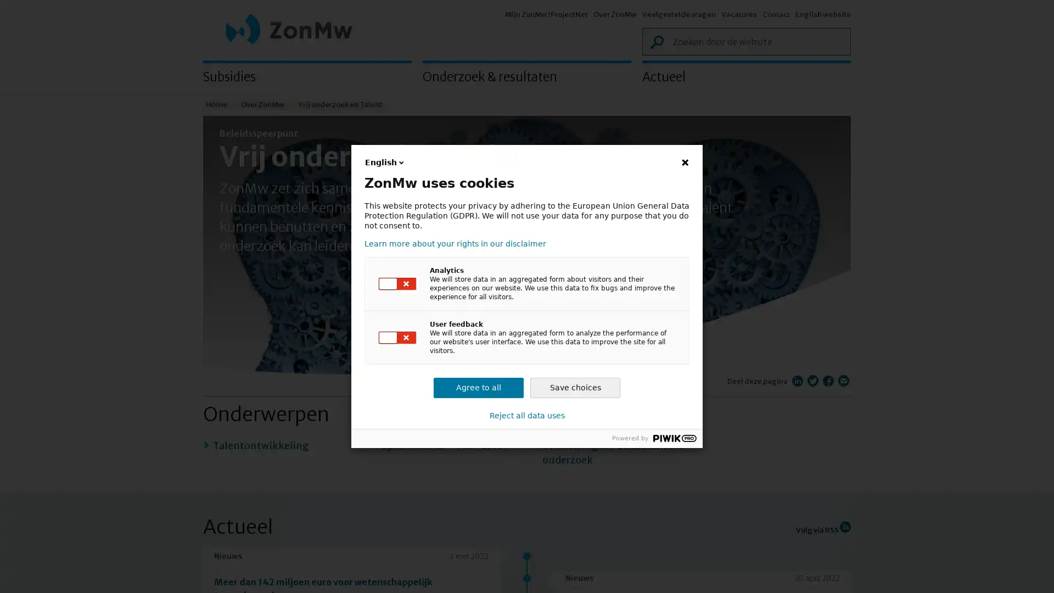 The image size is (1054, 593). What do you see at coordinates (843, 41) in the screenshot?
I see `Zoek` at bounding box center [843, 41].